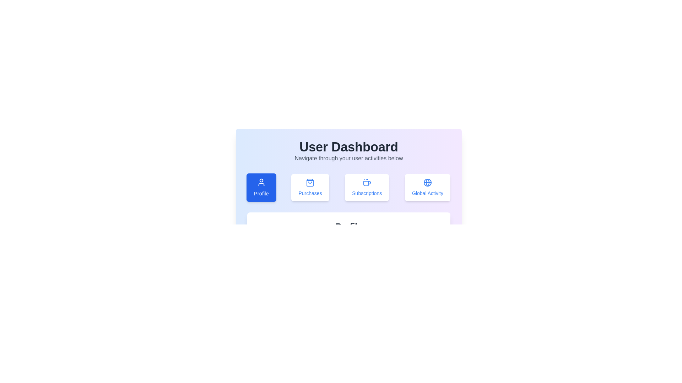 The height and width of the screenshot is (383, 682). Describe the element at coordinates (367, 187) in the screenshot. I see `the 'Subscriptions' tab to activate it and view its content` at that location.